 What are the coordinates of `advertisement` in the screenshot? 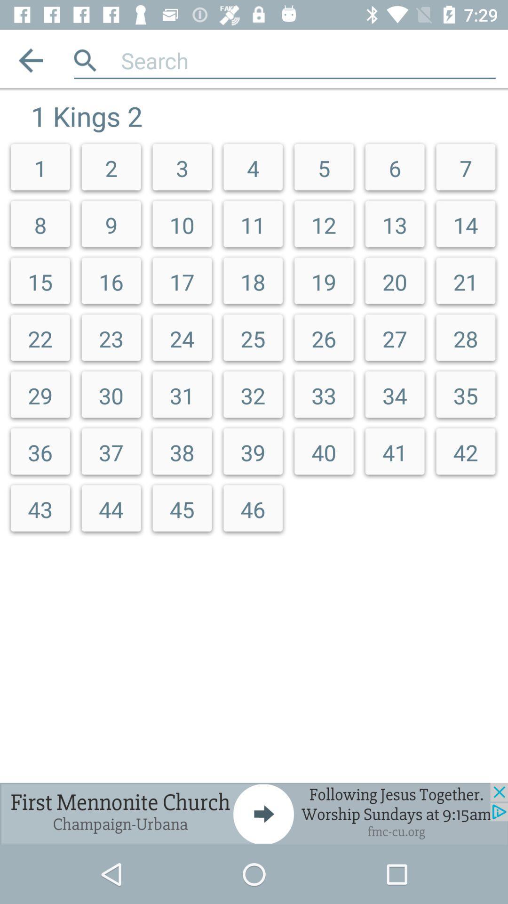 It's located at (254, 813).